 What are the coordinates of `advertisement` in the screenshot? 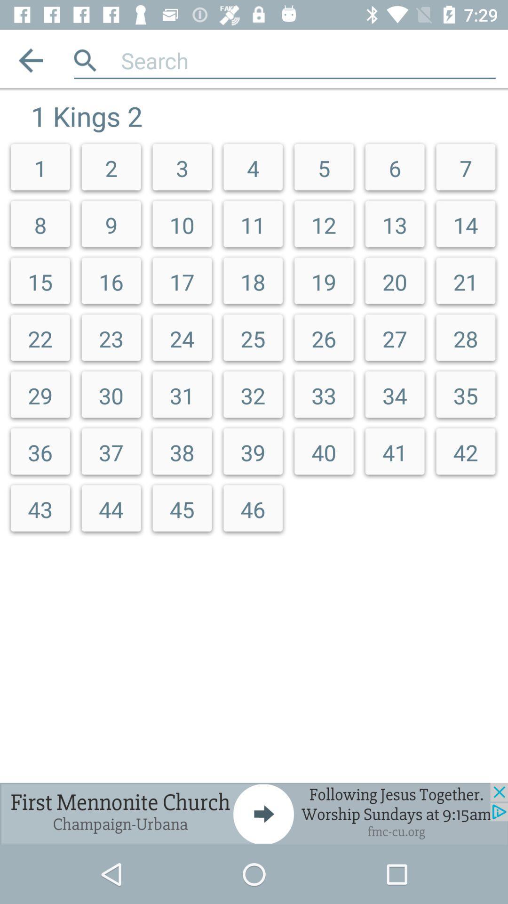 It's located at (254, 813).